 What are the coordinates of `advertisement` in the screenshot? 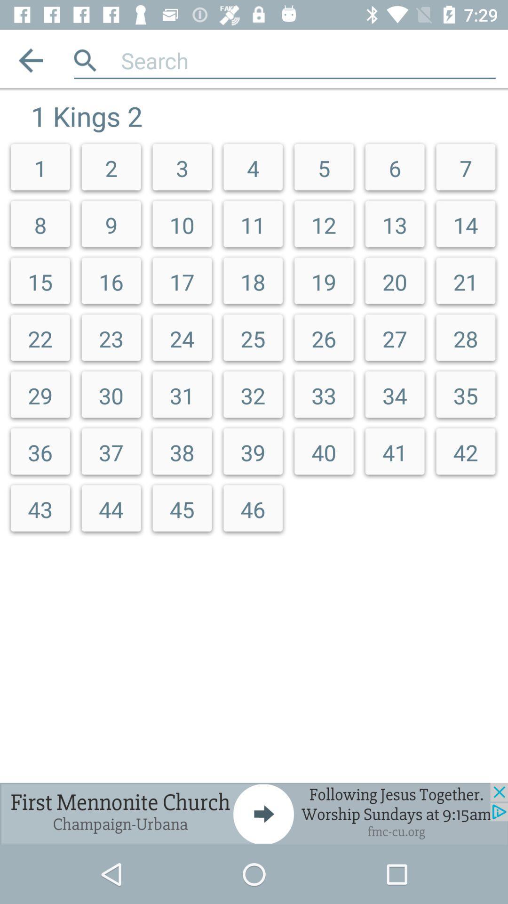 It's located at (254, 813).